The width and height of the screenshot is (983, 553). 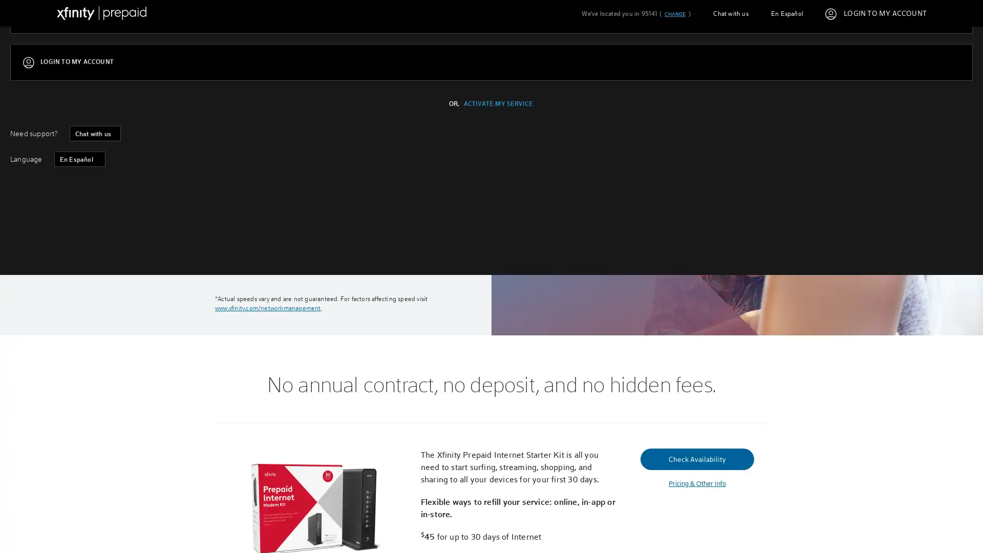 What do you see at coordinates (696, 483) in the screenshot?
I see `Pricing & Other Info` at bounding box center [696, 483].